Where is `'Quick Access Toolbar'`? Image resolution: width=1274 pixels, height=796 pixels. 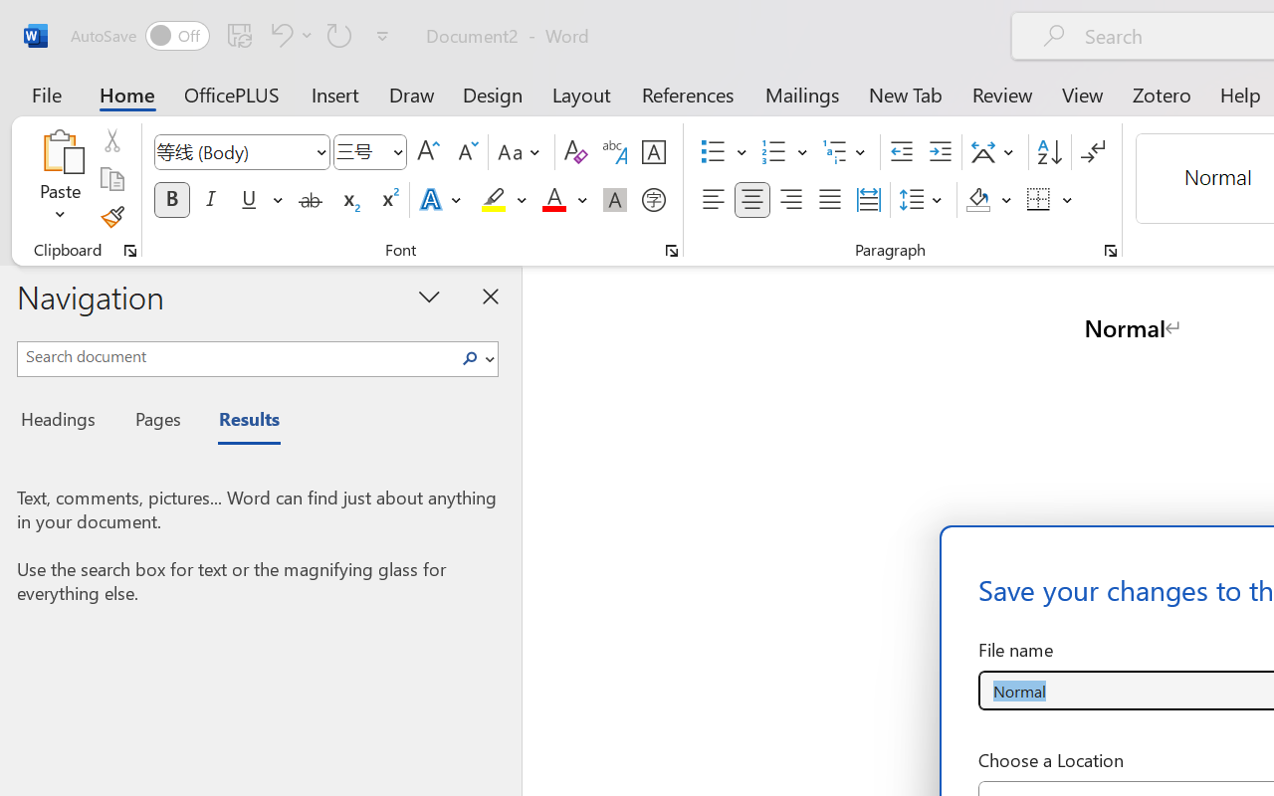 'Quick Access Toolbar' is located at coordinates (233, 35).